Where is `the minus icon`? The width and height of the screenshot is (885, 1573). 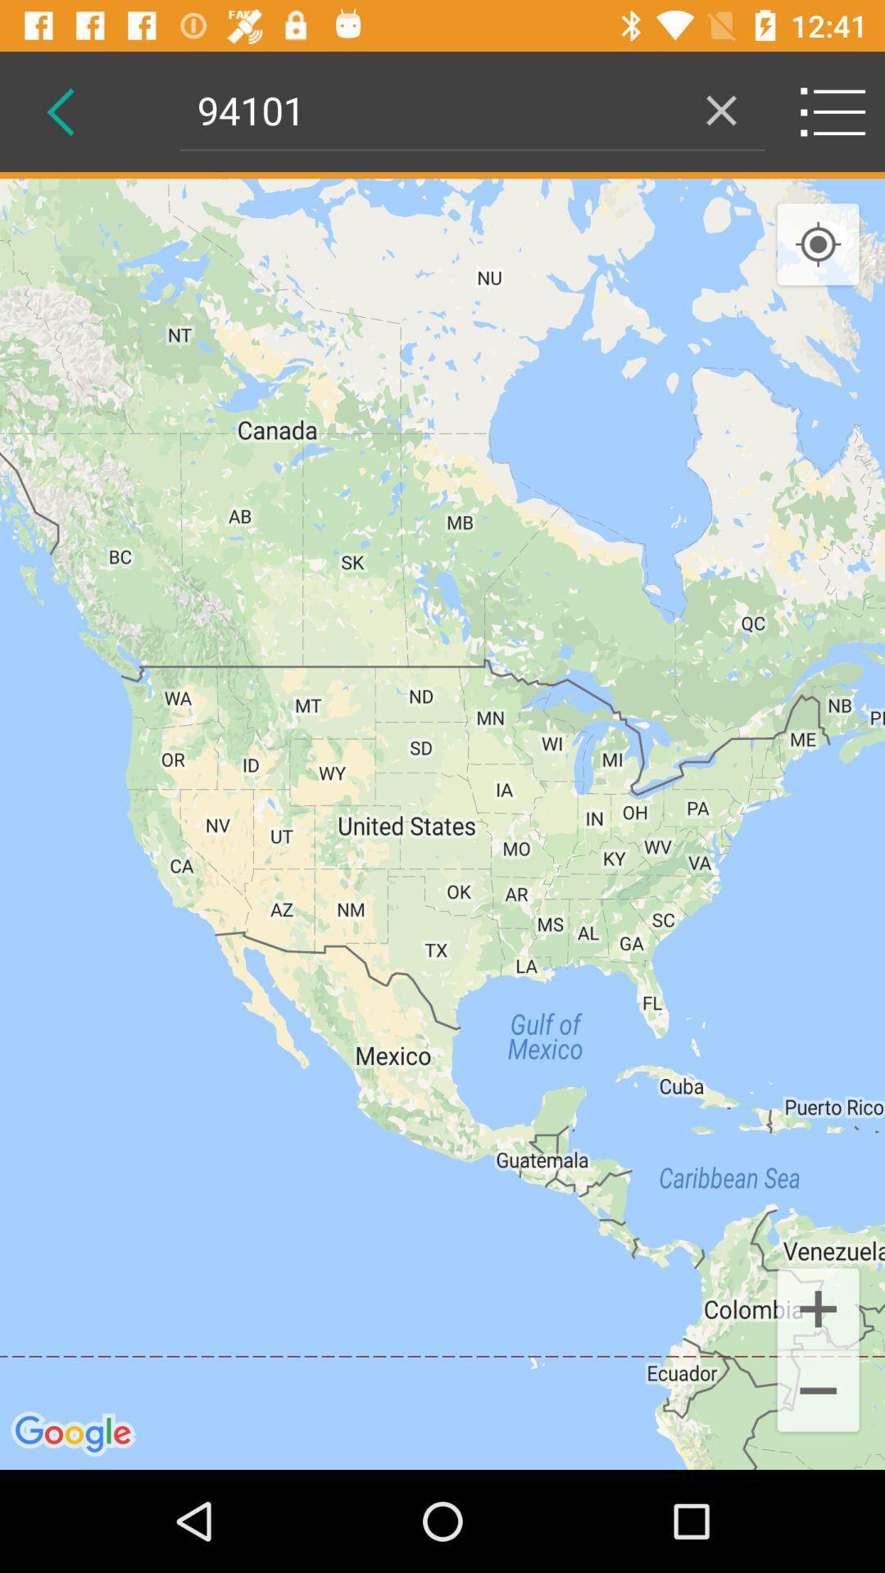 the minus icon is located at coordinates (818, 1392).